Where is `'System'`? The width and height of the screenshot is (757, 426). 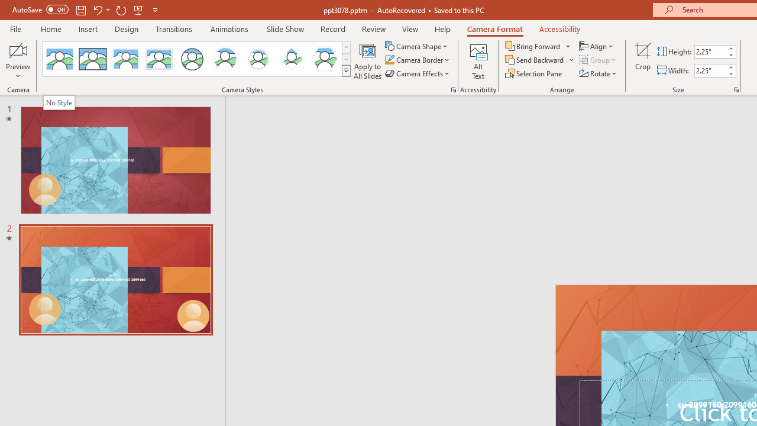 'System' is located at coordinates (6, 7).